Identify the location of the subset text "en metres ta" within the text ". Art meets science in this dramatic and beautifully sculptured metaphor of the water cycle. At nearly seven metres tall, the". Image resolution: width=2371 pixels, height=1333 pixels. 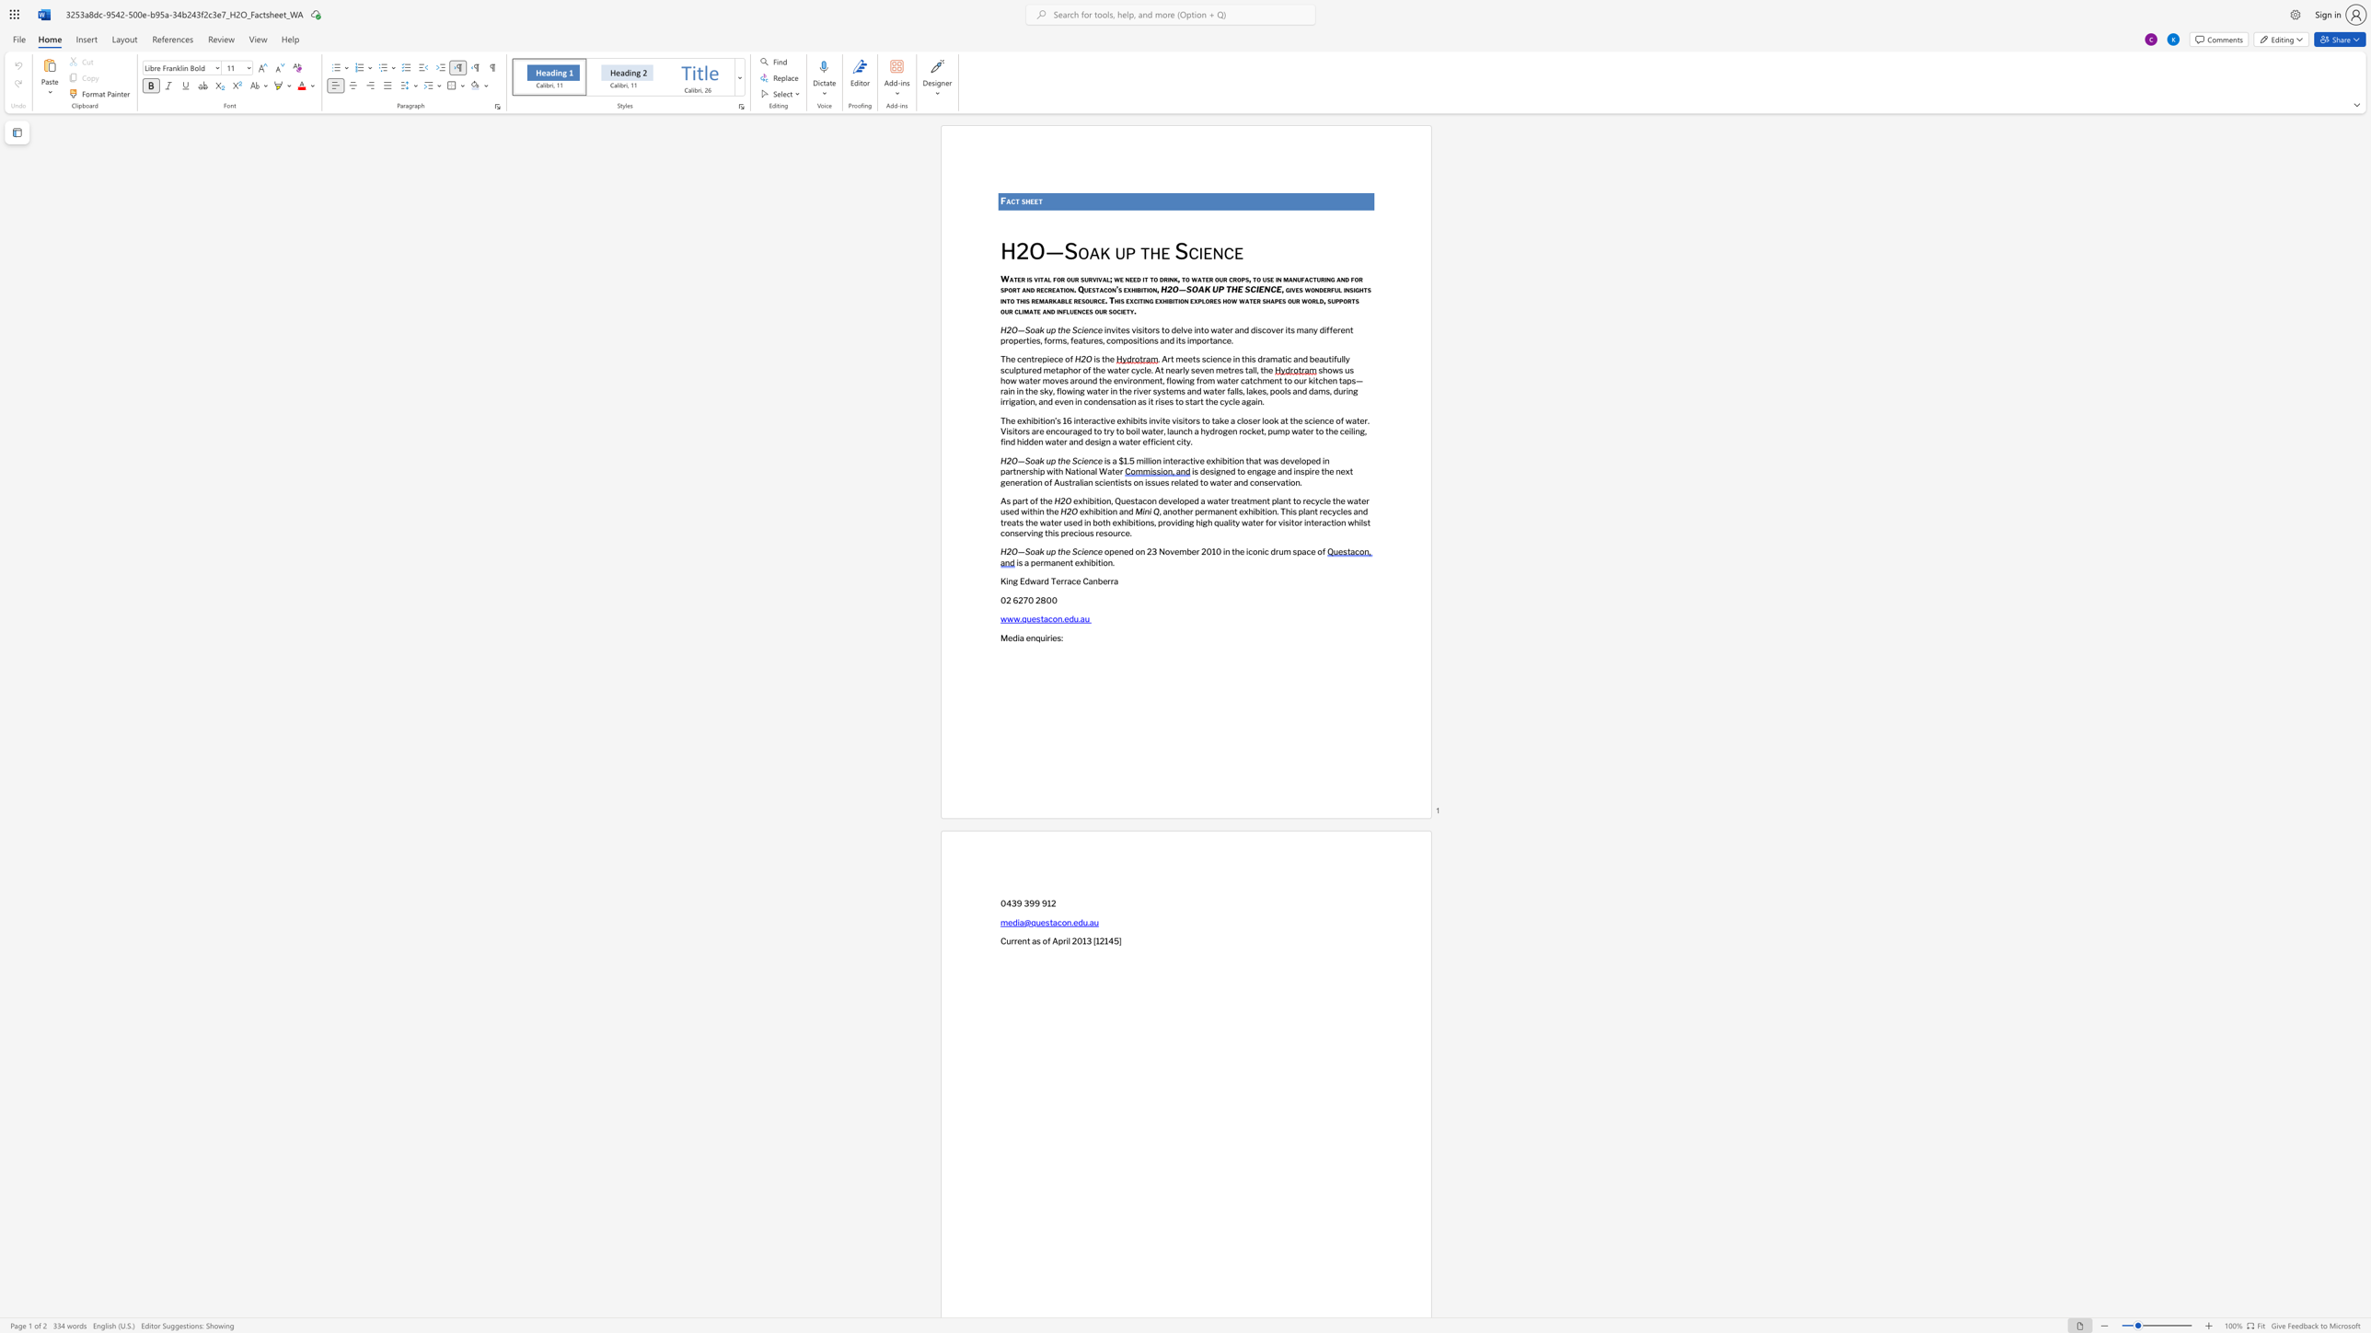
(1204, 370).